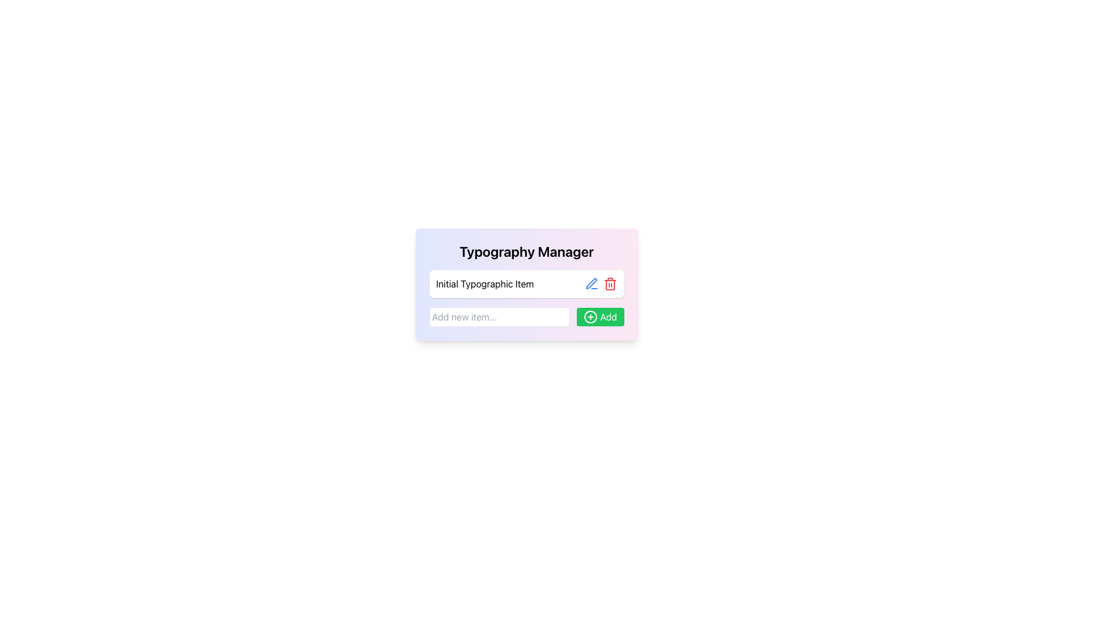  What do you see at coordinates (591, 317) in the screenshot?
I see `circular SVG component that represents the 'Add' button within the Typography Manager layout using developer tools` at bounding box center [591, 317].